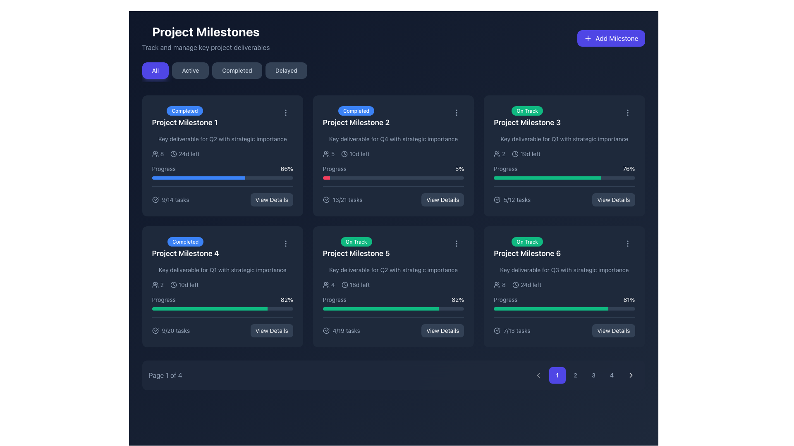 Image resolution: width=794 pixels, height=446 pixels. What do you see at coordinates (613, 330) in the screenshot?
I see `the 'View Details' button with a navy background and rounded corners located in the bottom-right corner of the card for 'Project Milestone 6'` at bounding box center [613, 330].